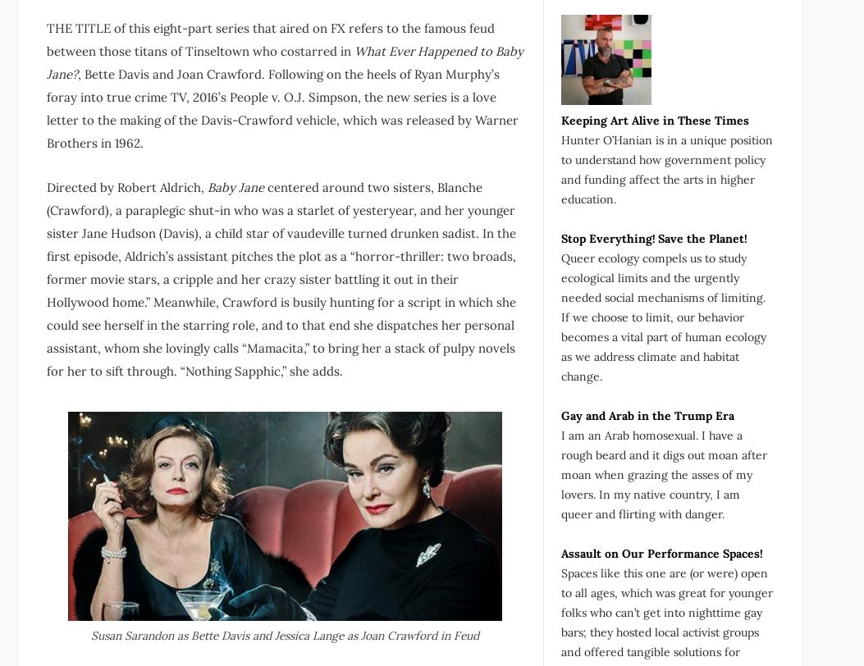 This screenshot has width=864, height=666. Describe the element at coordinates (647, 414) in the screenshot. I see `'Gay and Arab in the Trump Era'` at that location.